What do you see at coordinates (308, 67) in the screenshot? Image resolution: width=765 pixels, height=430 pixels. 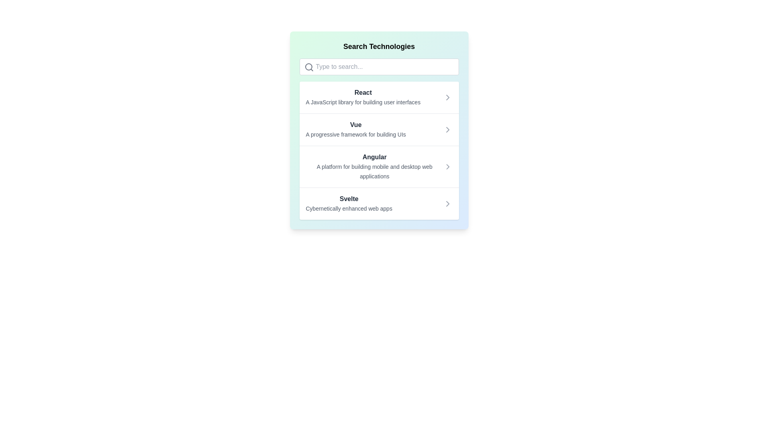 I see `the gray magnifying glass icon located at the top left of the search input field beneath the 'Search Technologies' title` at bounding box center [308, 67].